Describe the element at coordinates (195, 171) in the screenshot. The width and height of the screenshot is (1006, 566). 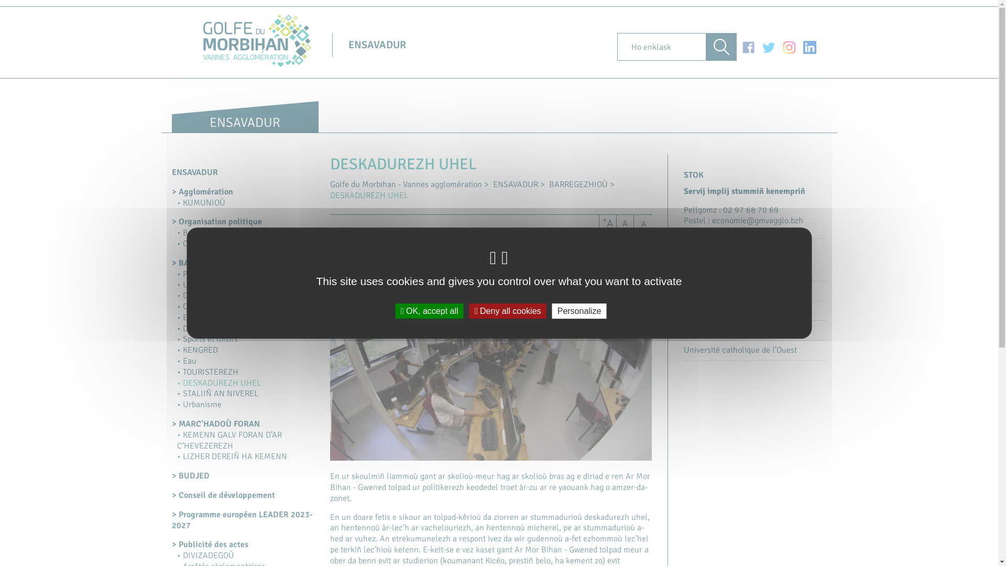
I see `'ENSAVADUR'` at that location.